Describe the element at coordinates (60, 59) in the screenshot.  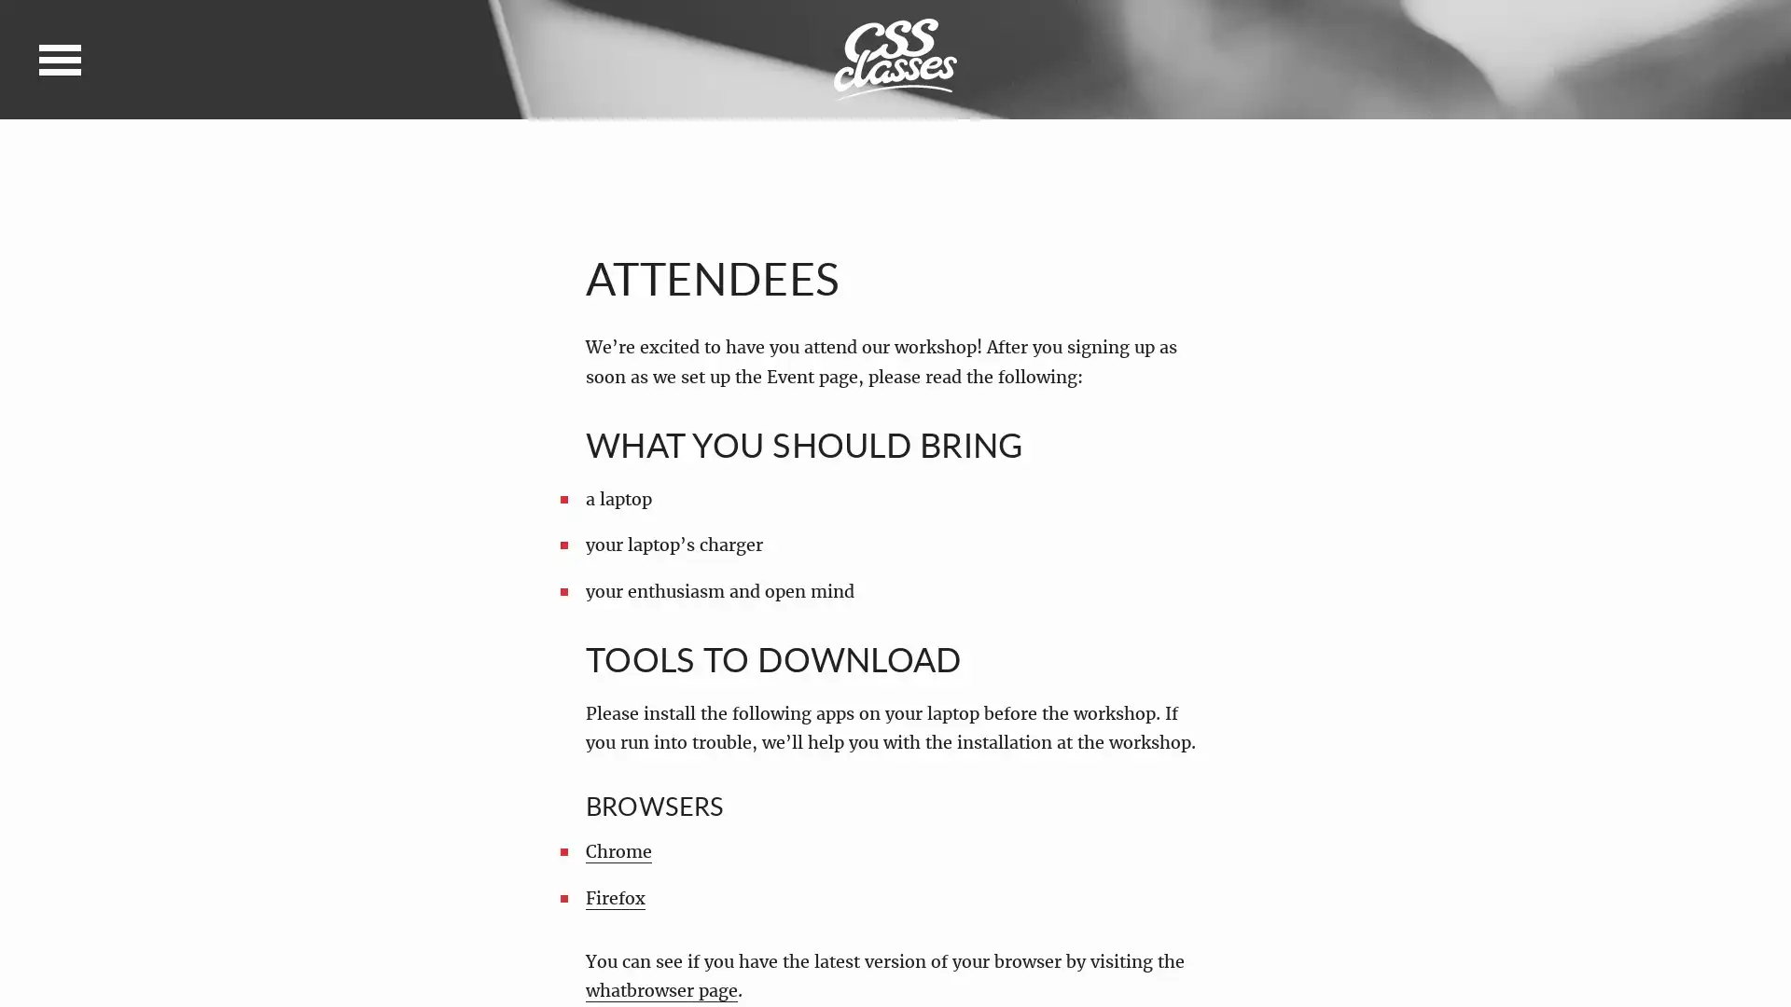
I see `Open Menu` at that location.